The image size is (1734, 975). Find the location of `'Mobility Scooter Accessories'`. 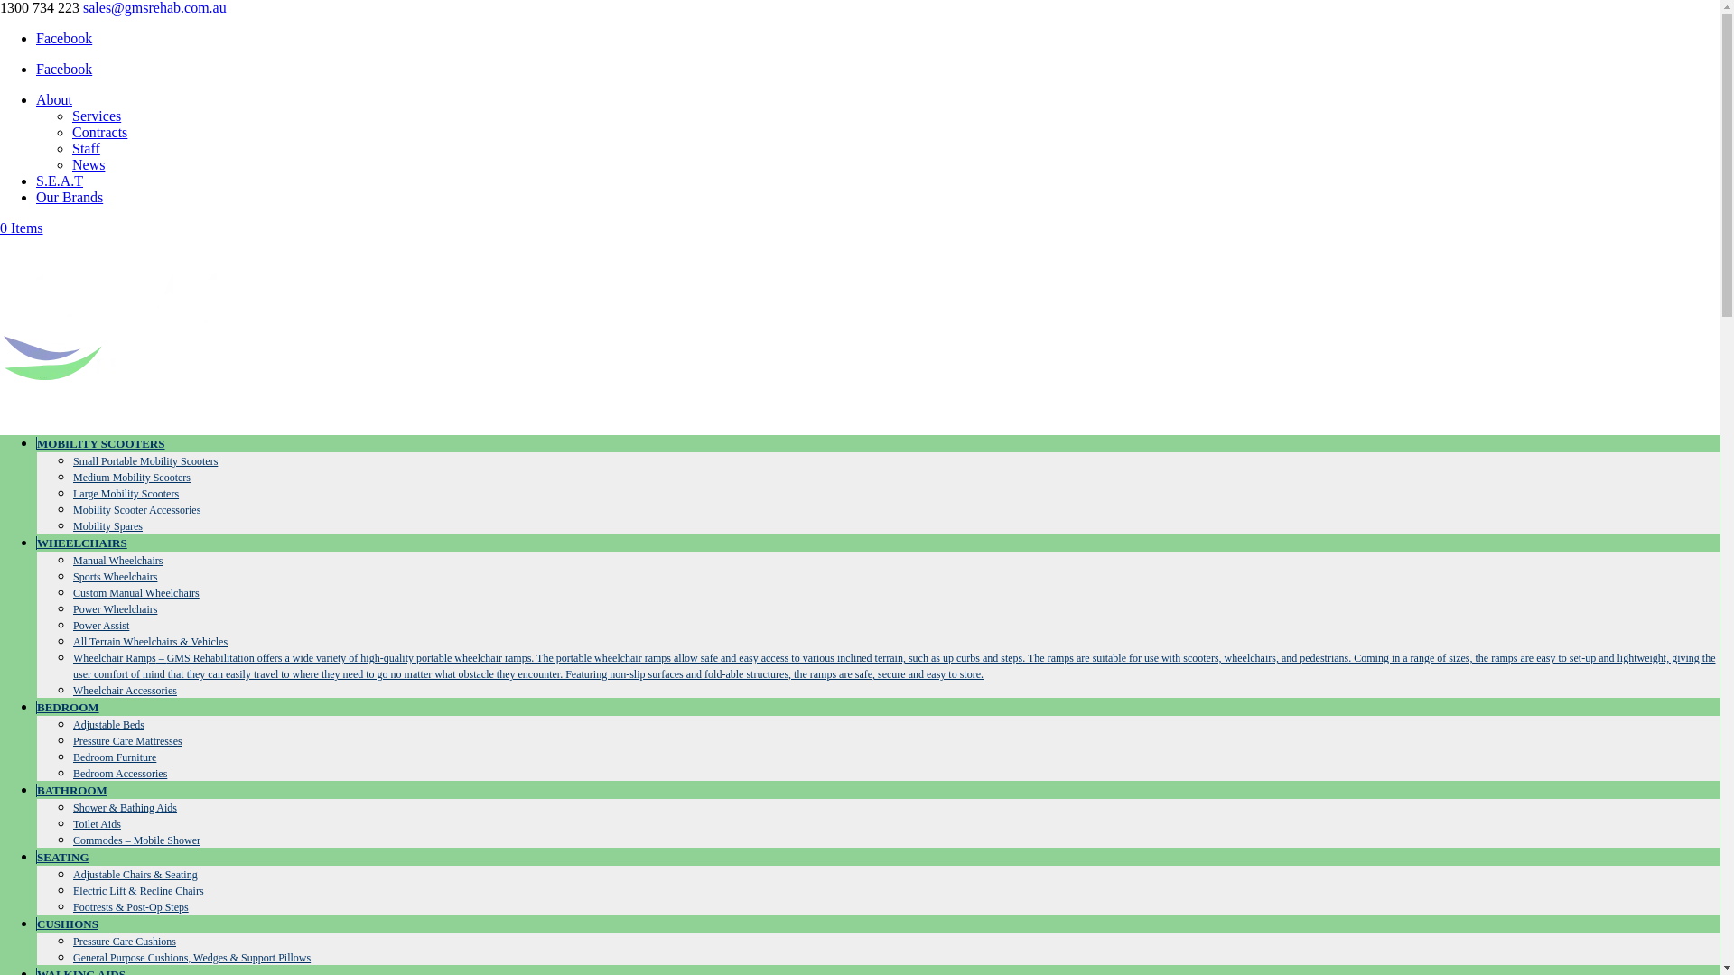

'Mobility Scooter Accessories' is located at coordinates (135, 509).